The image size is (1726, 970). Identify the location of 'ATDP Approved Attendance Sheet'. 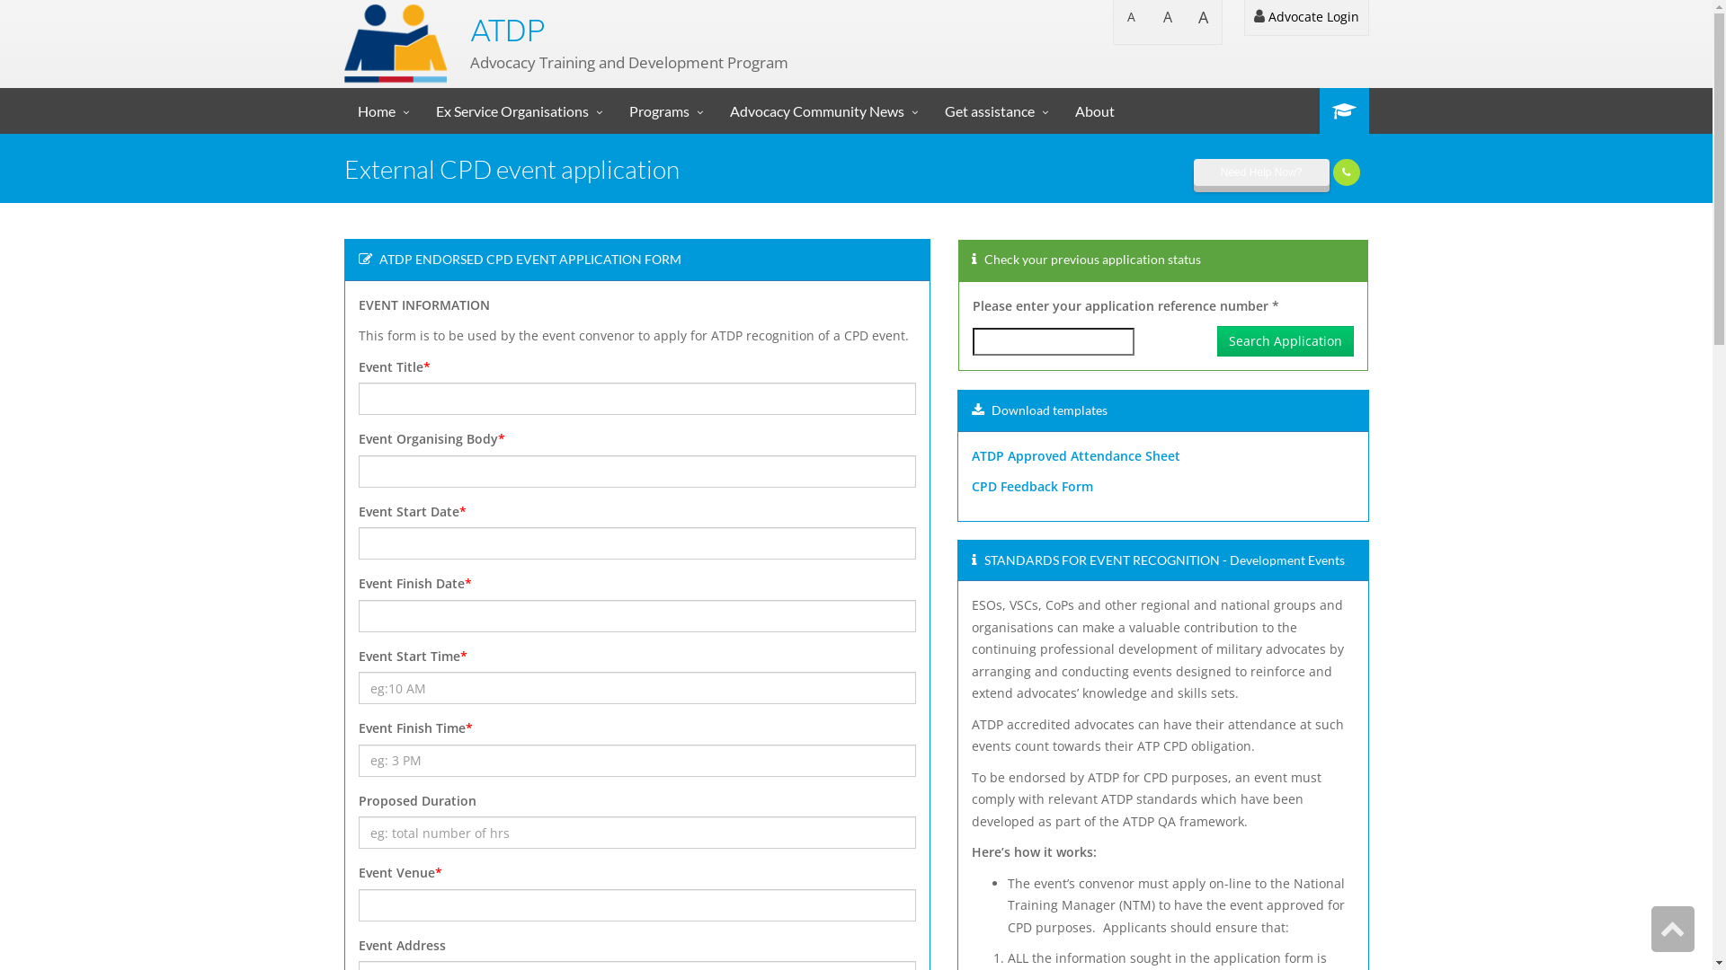
(1075, 454).